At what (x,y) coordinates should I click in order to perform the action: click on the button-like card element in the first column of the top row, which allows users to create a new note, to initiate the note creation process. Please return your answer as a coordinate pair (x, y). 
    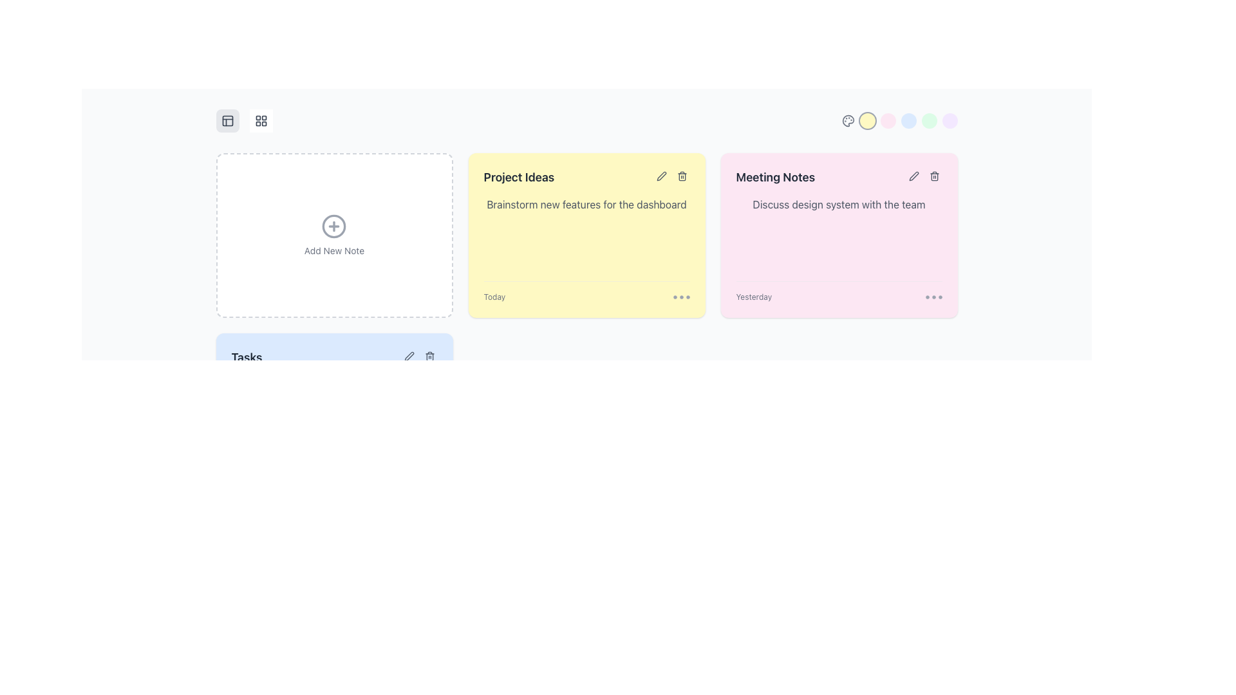
    Looking at the image, I should click on (334, 236).